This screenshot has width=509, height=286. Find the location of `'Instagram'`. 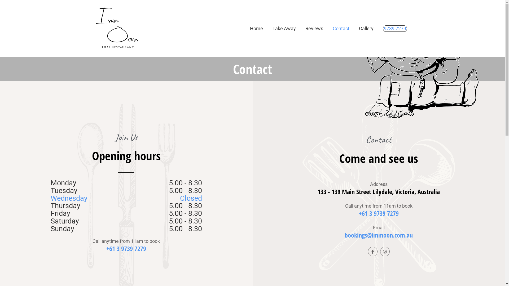

'Instagram' is located at coordinates (385, 251).